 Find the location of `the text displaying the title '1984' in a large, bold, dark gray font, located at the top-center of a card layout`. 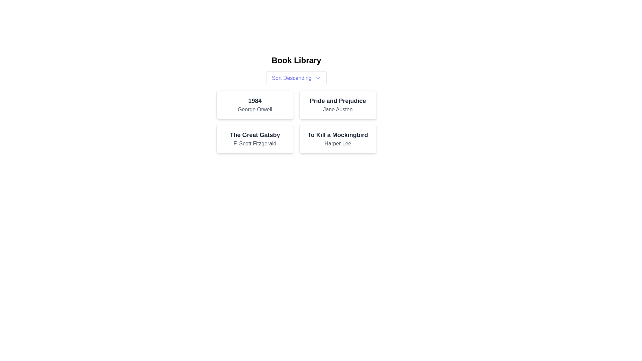

the text displaying the title '1984' in a large, bold, dark gray font, located at the top-center of a card layout is located at coordinates (254, 101).